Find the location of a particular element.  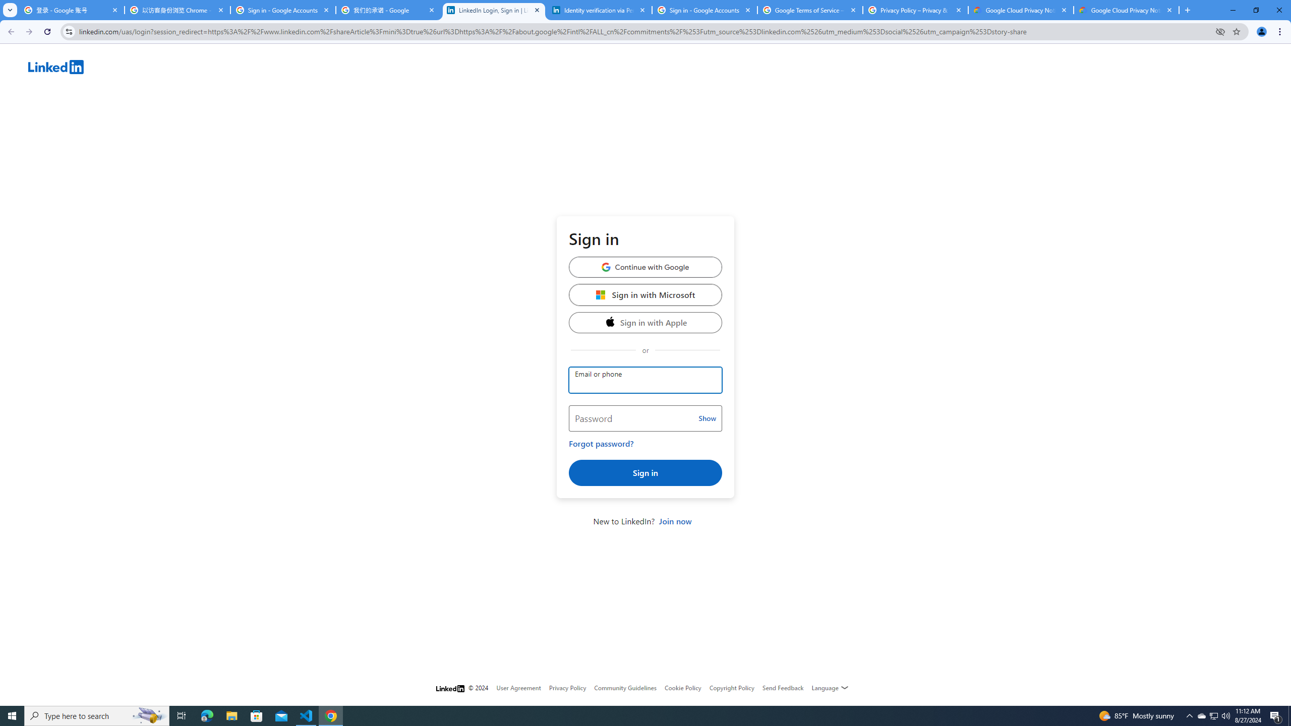

'Sign in with Apple' is located at coordinates (645, 322).